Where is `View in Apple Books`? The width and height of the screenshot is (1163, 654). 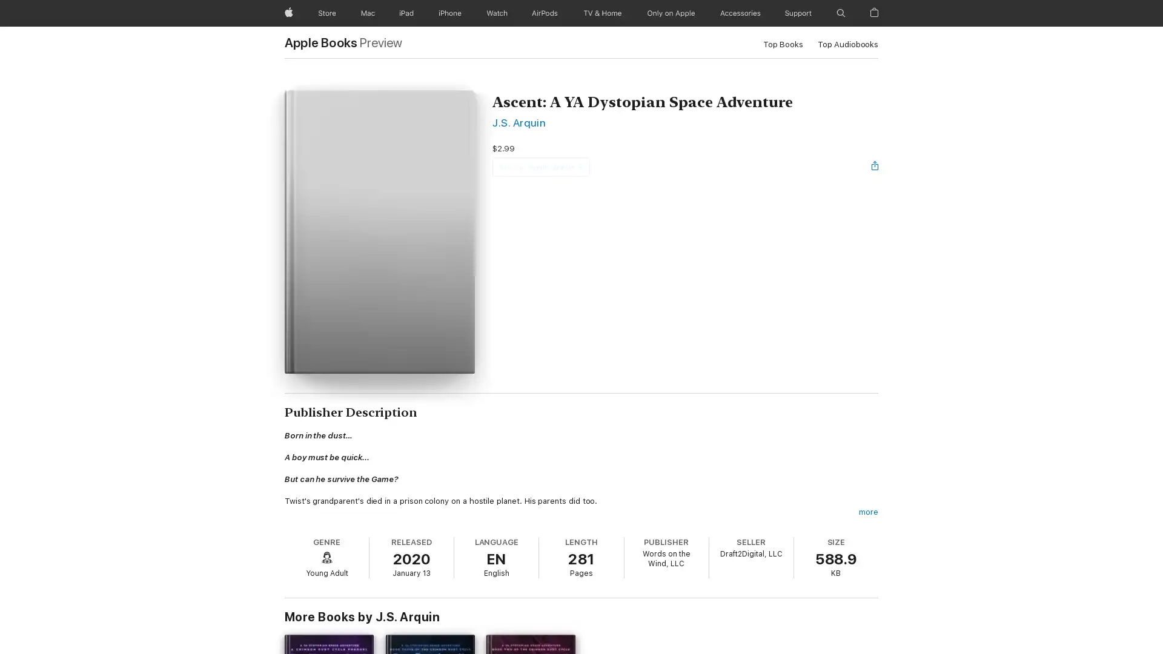
View in Apple Books is located at coordinates (540, 167).